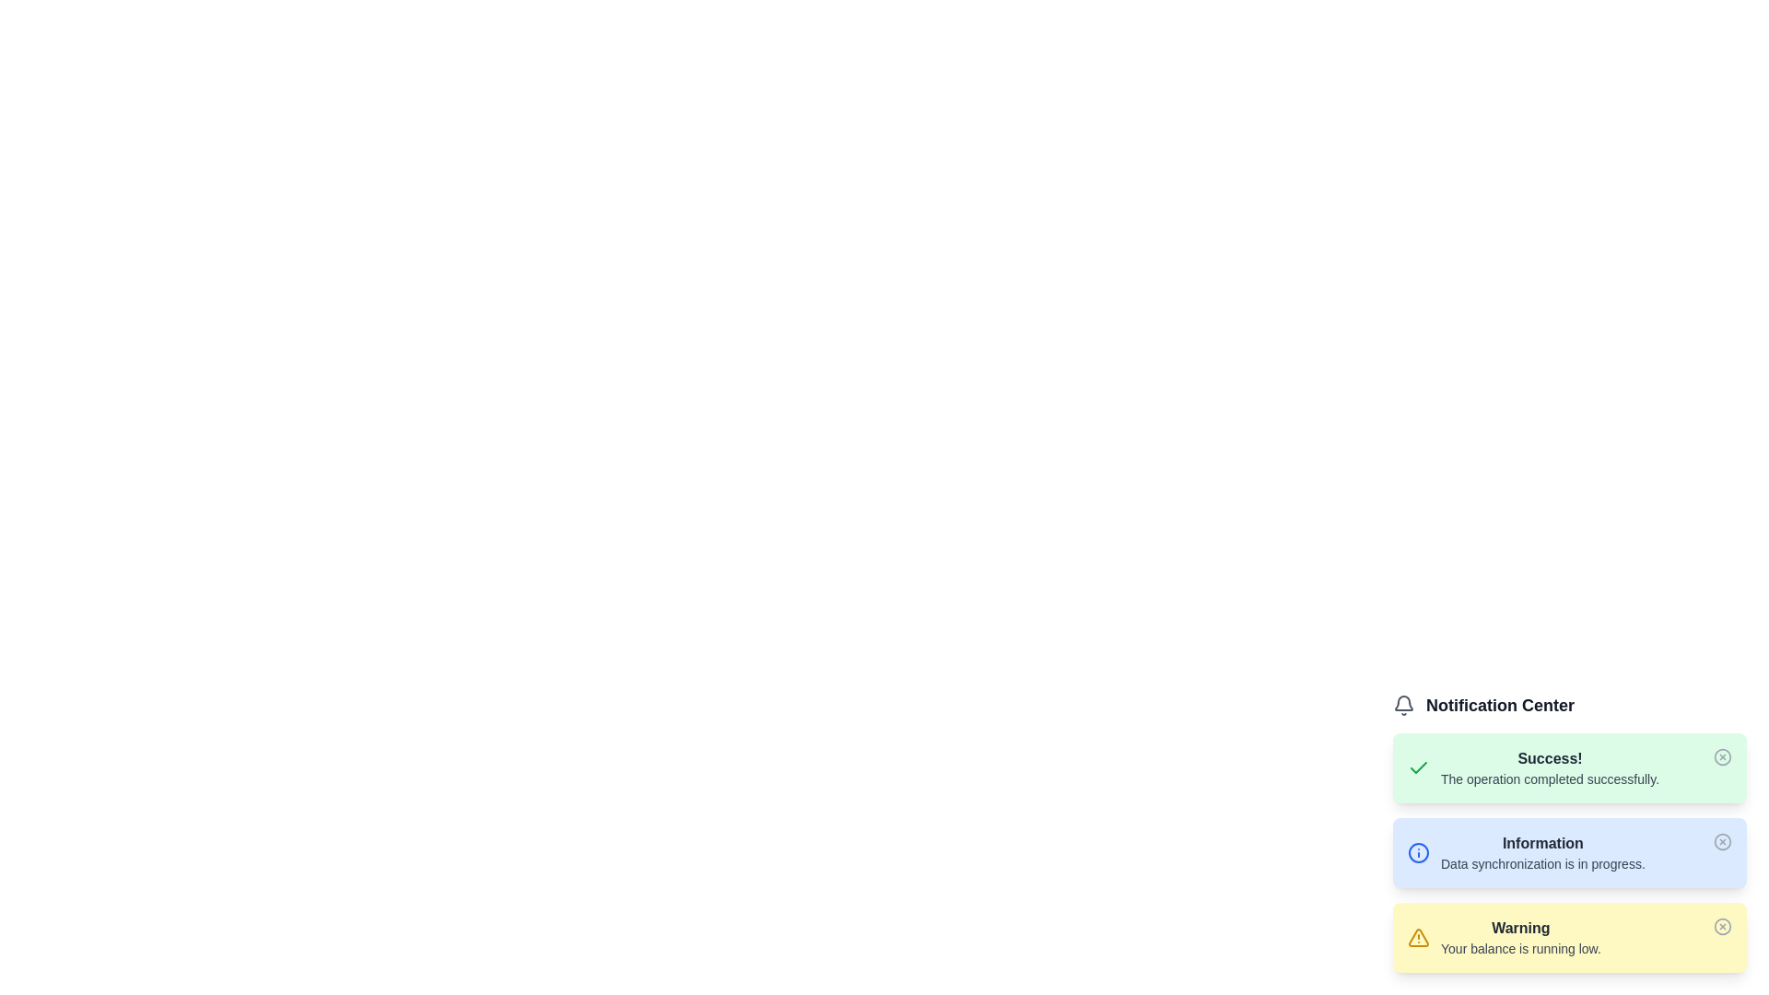 This screenshot has width=1769, height=995. What do you see at coordinates (1533, 767) in the screenshot?
I see `message from the Alert notification that displays a green checkmark icon, a bolded heading 'Success!', and subtext 'The operation completed successfully.'` at bounding box center [1533, 767].